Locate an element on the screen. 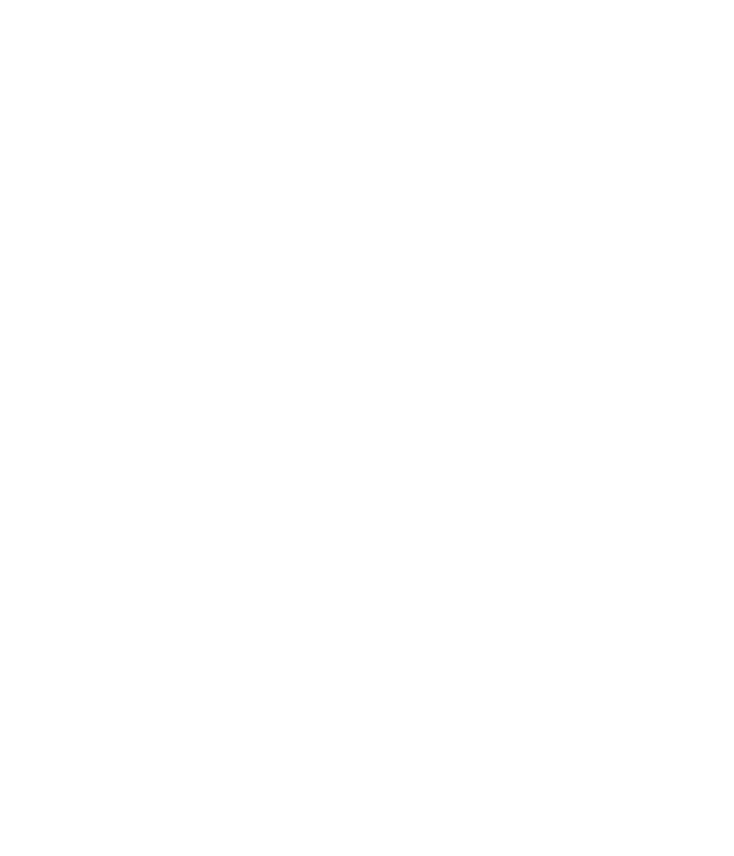 Image resolution: width=734 pixels, height=856 pixels. 'Audio' is located at coordinates (122, 531).